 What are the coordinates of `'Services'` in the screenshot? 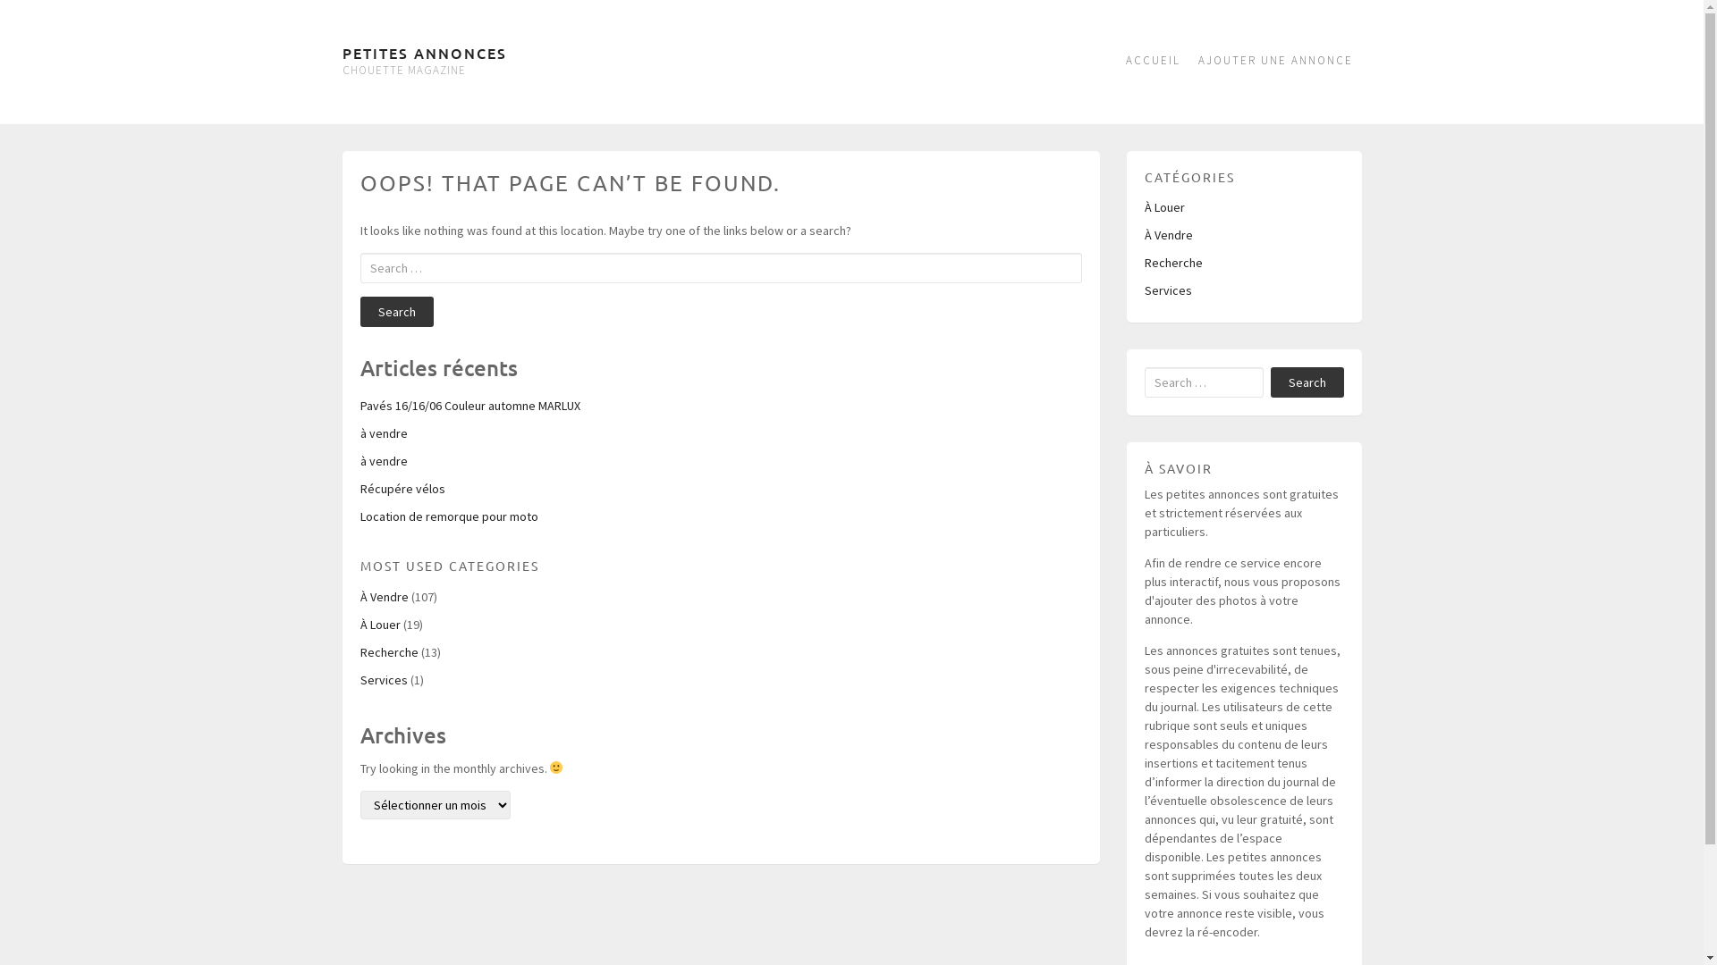 It's located at (1168, 289).